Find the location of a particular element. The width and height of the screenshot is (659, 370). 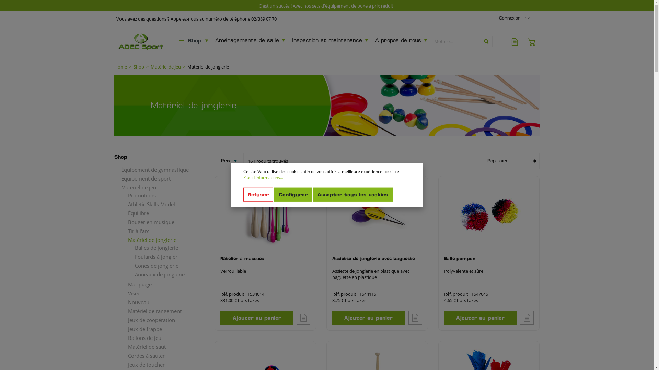

'Promotions' is located at coordinates (120, 195).